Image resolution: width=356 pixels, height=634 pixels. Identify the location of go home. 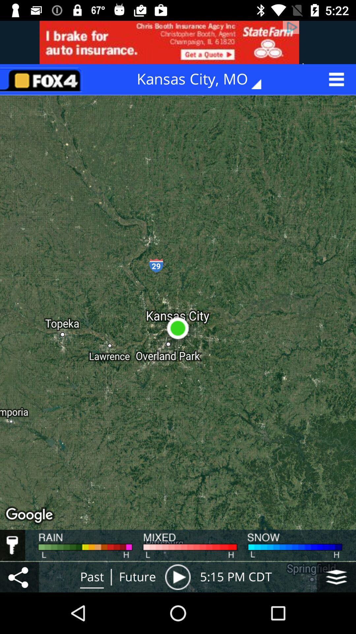
(43, 79).